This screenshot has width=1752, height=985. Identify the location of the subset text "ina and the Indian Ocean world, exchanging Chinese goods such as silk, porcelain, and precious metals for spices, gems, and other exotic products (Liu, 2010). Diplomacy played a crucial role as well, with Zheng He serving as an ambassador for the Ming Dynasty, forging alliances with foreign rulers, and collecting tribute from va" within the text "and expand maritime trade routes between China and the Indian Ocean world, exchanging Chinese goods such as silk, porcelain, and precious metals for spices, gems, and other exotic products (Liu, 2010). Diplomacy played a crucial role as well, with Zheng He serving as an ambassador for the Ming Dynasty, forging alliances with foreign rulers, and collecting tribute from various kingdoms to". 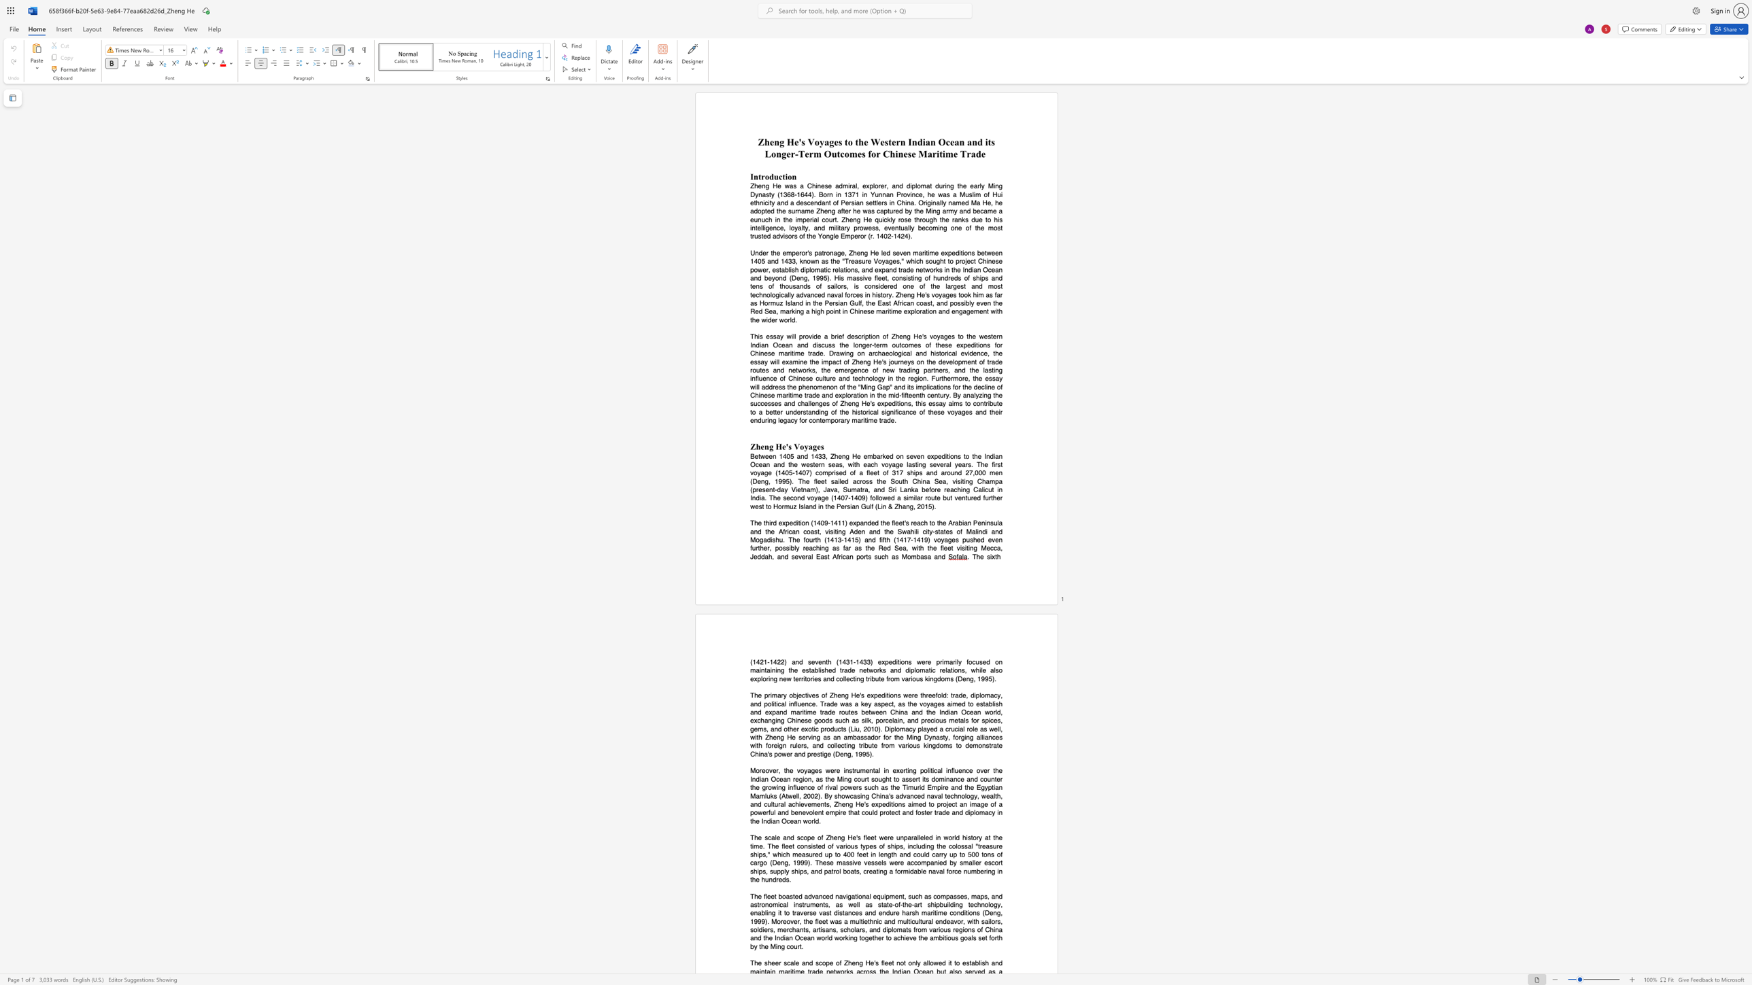
(899, 712).